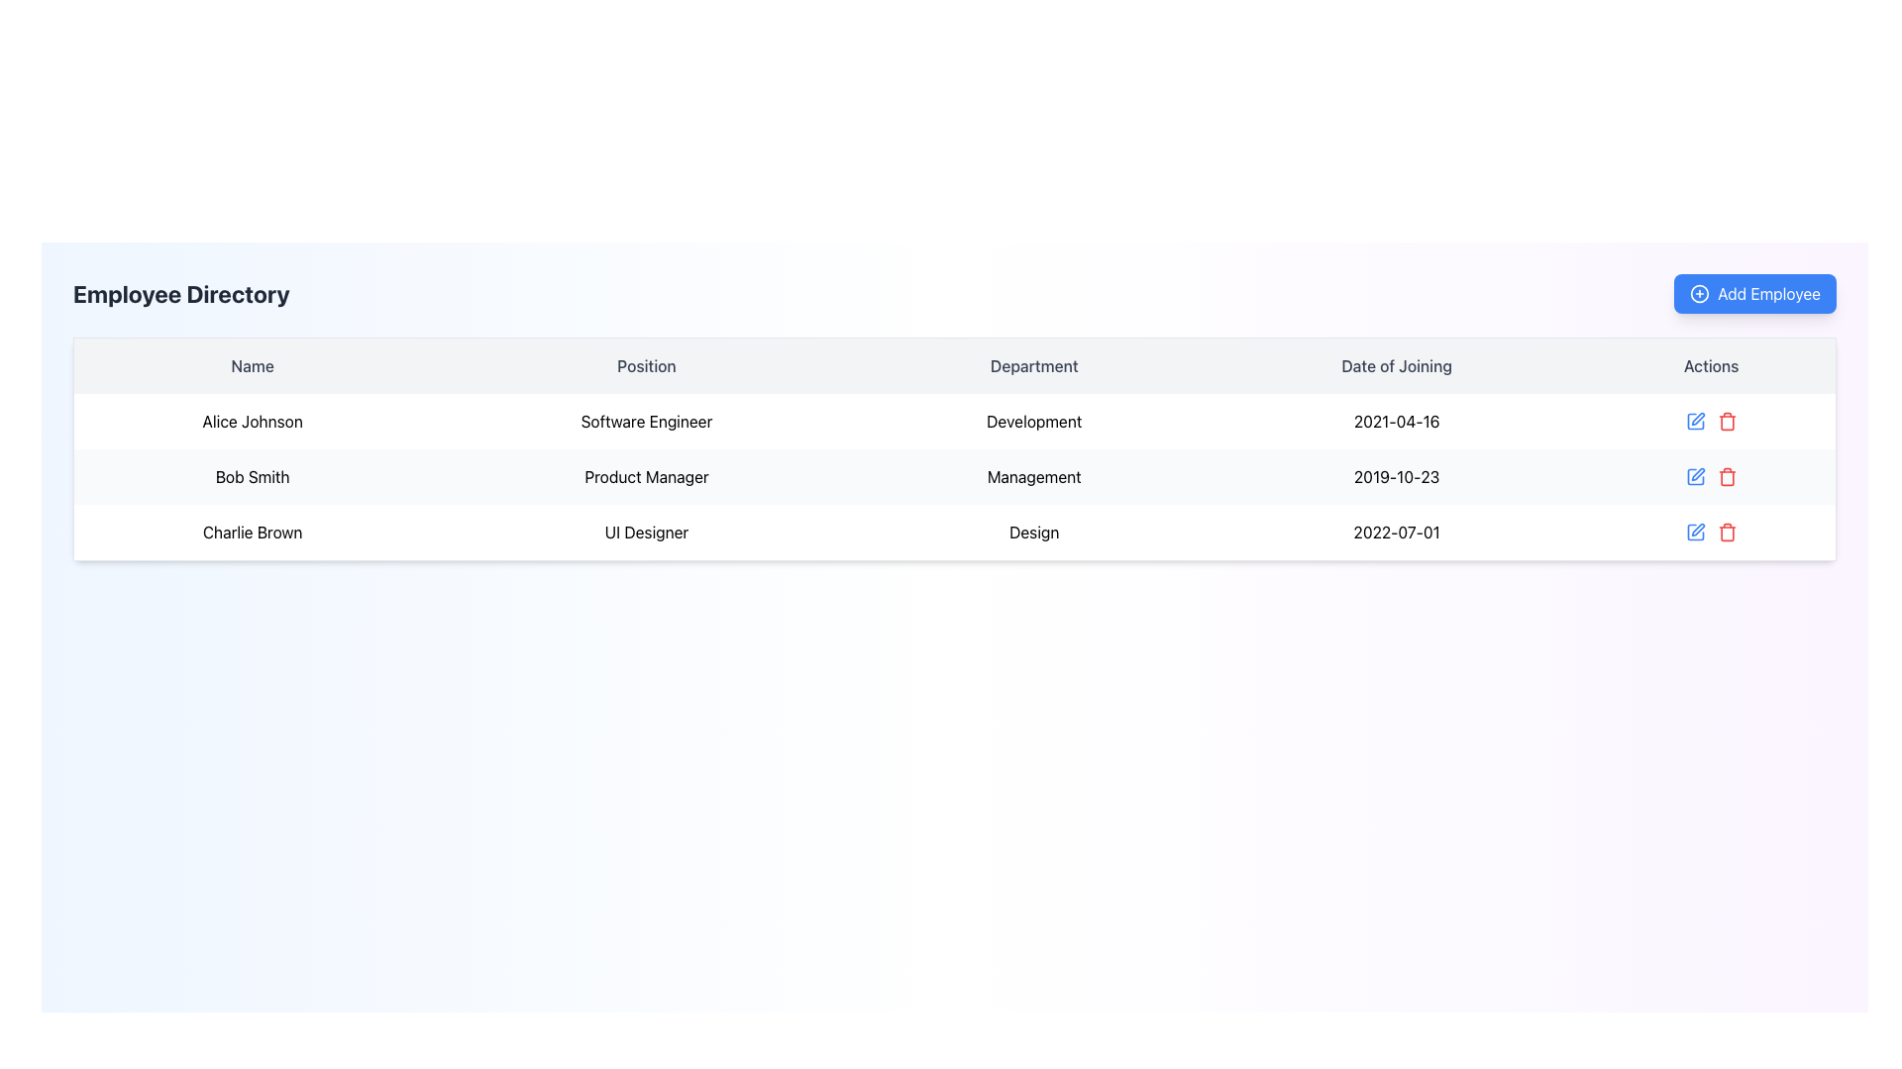 The width and height of the screenshot is (1902, 1069). I want to click on the pen-shaped icon button for editing functionality located in the 'Actions' column of the last row of the employee directory table, so click(1697, 529).